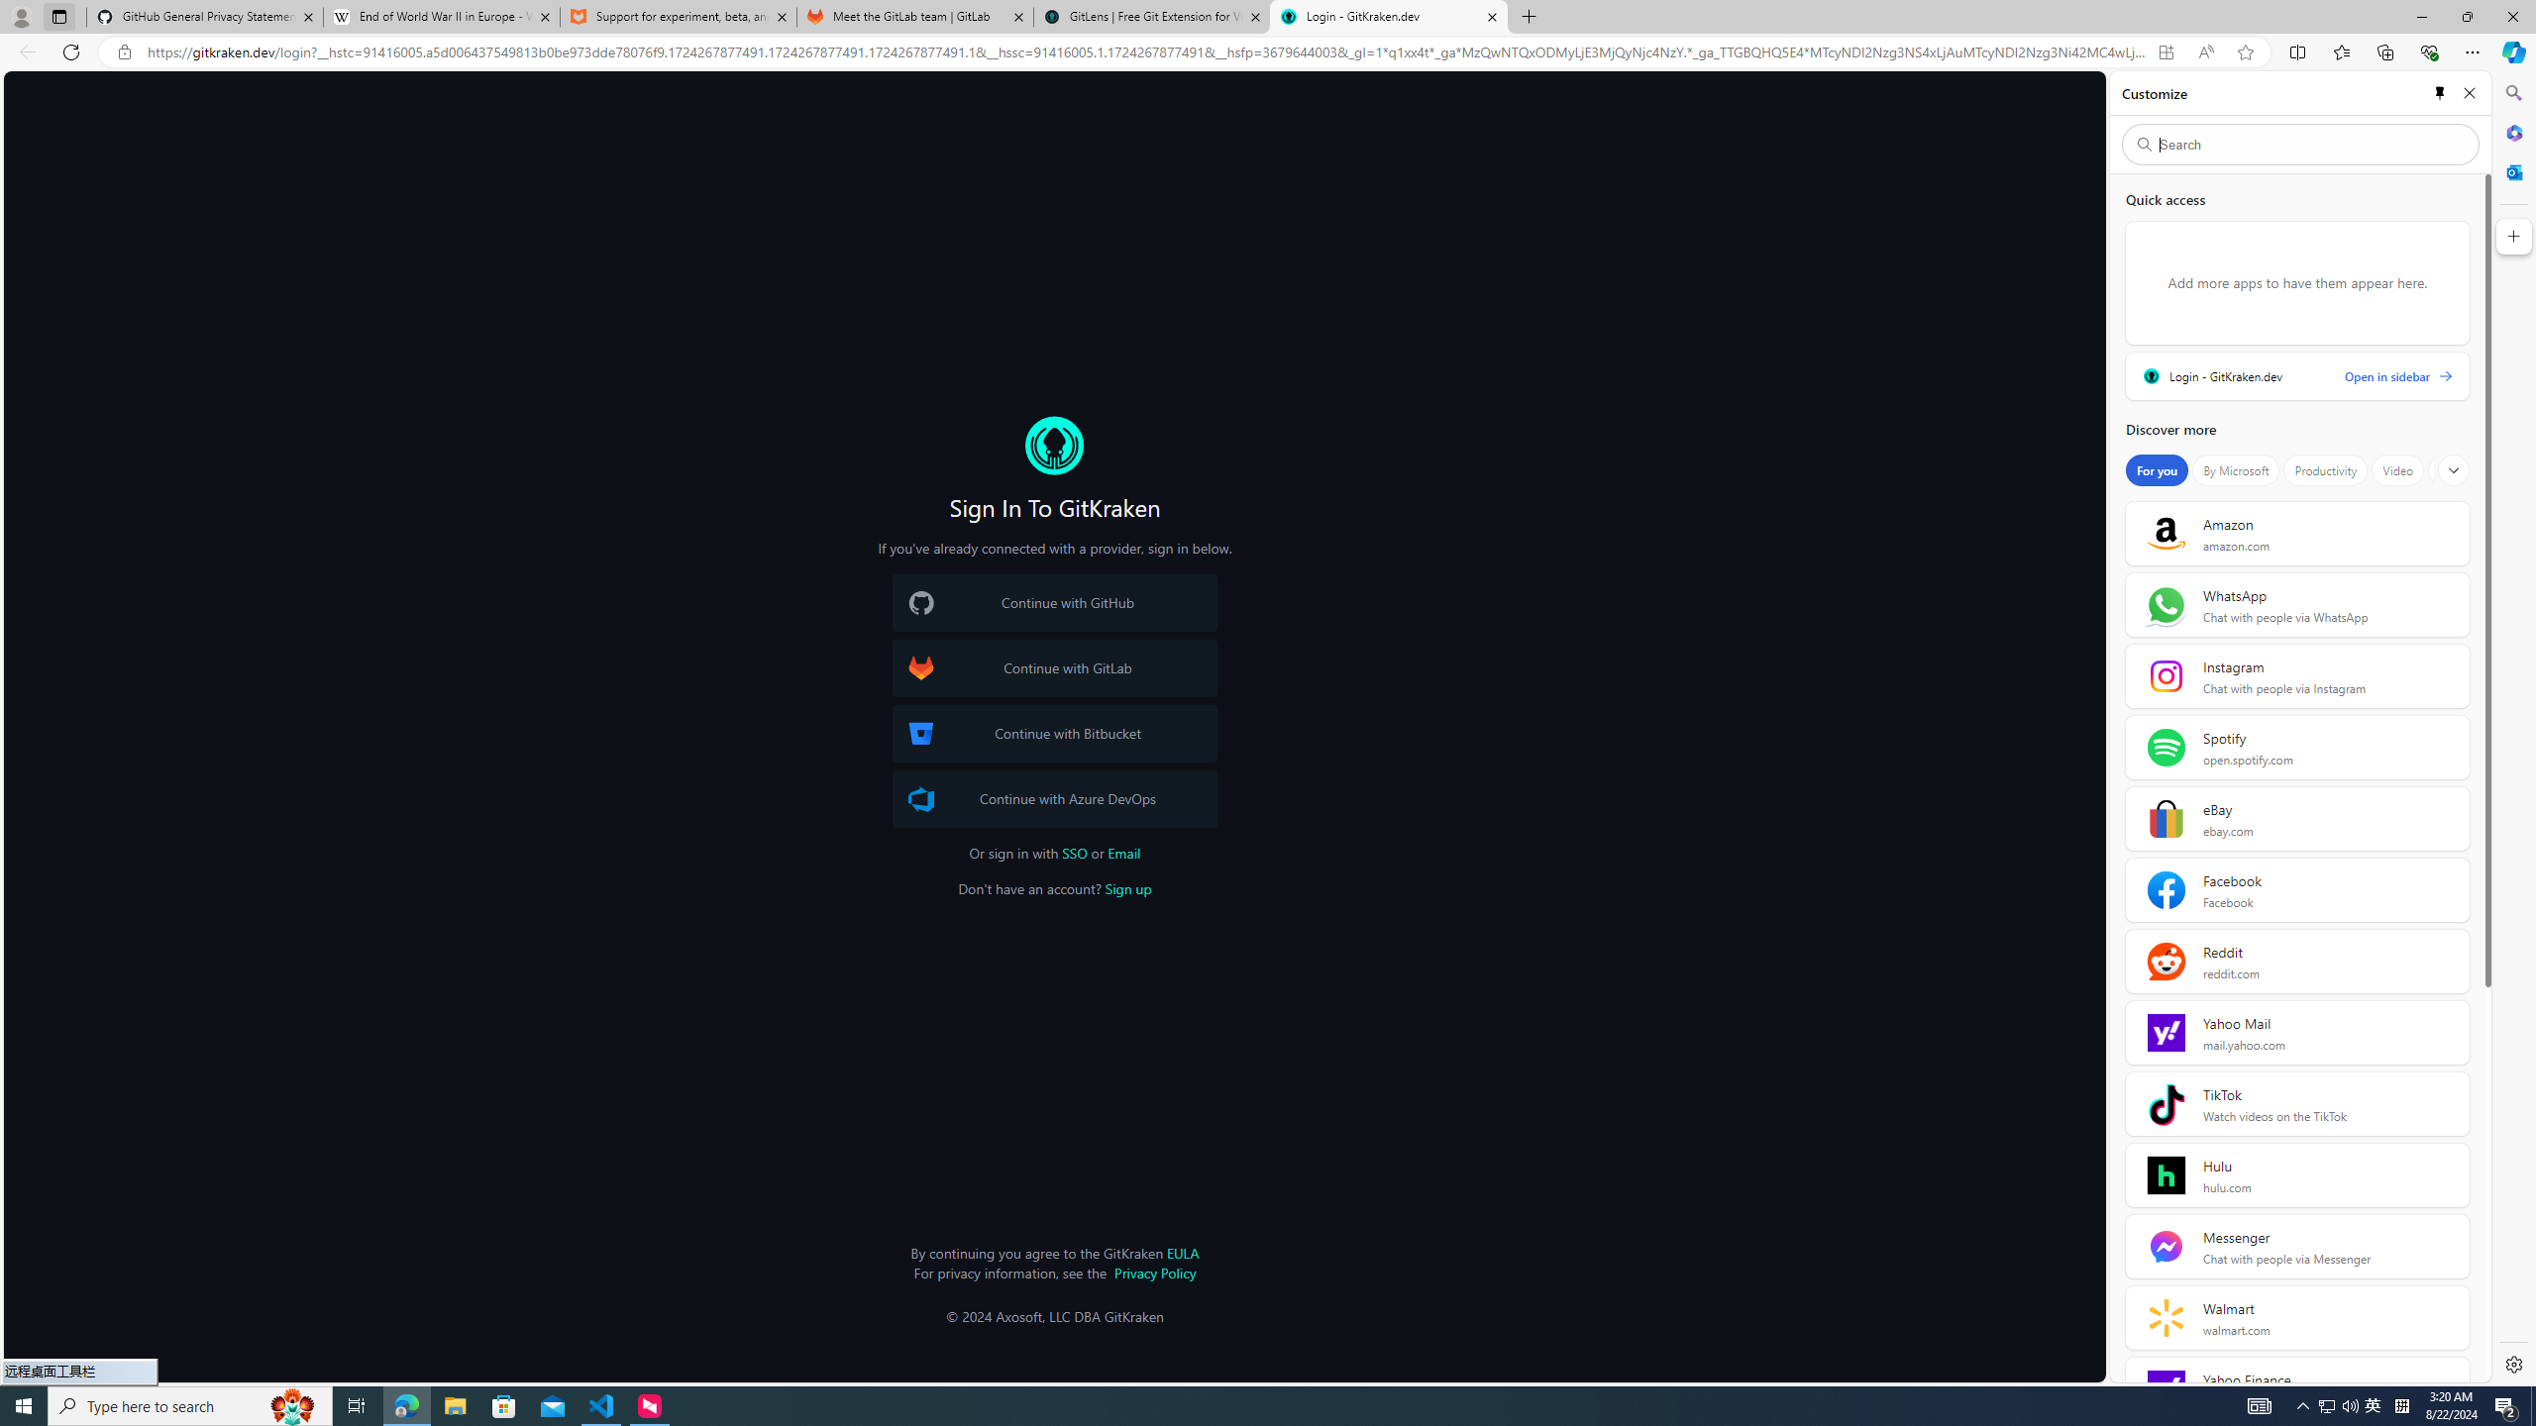 The width and height of the screenshot is (2536, 1426). I want to click on 'By Microsoft', so click(2234, 469).